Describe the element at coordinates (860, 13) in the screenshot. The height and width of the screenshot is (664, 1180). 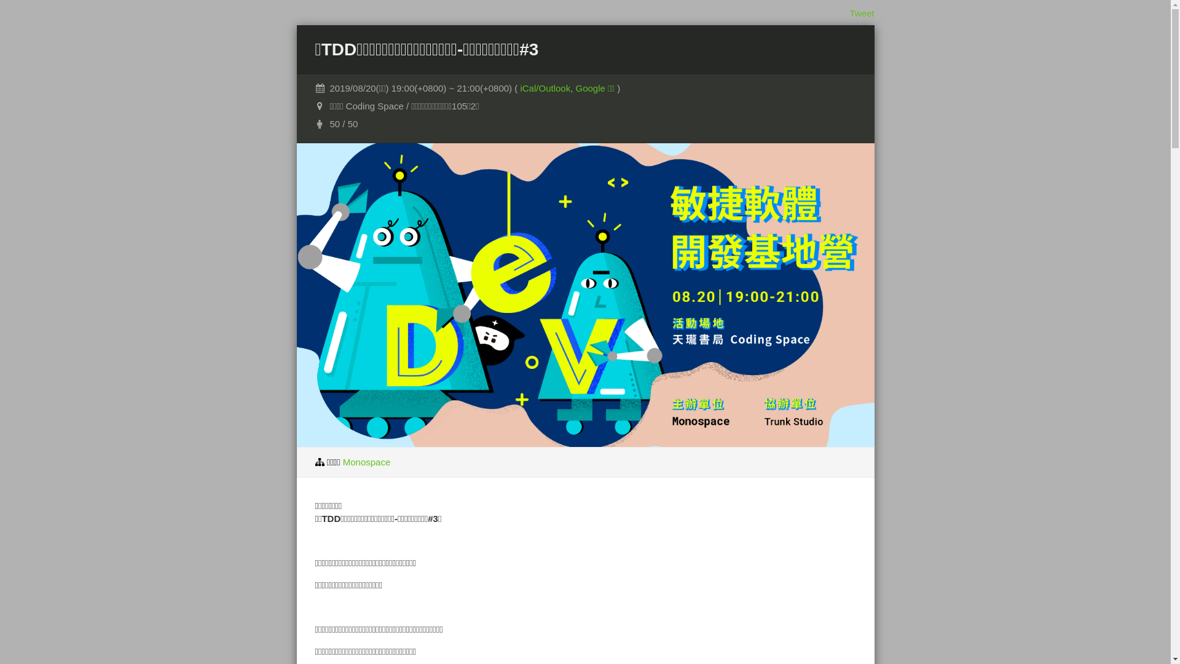
I see `'Tweet'` at that location.